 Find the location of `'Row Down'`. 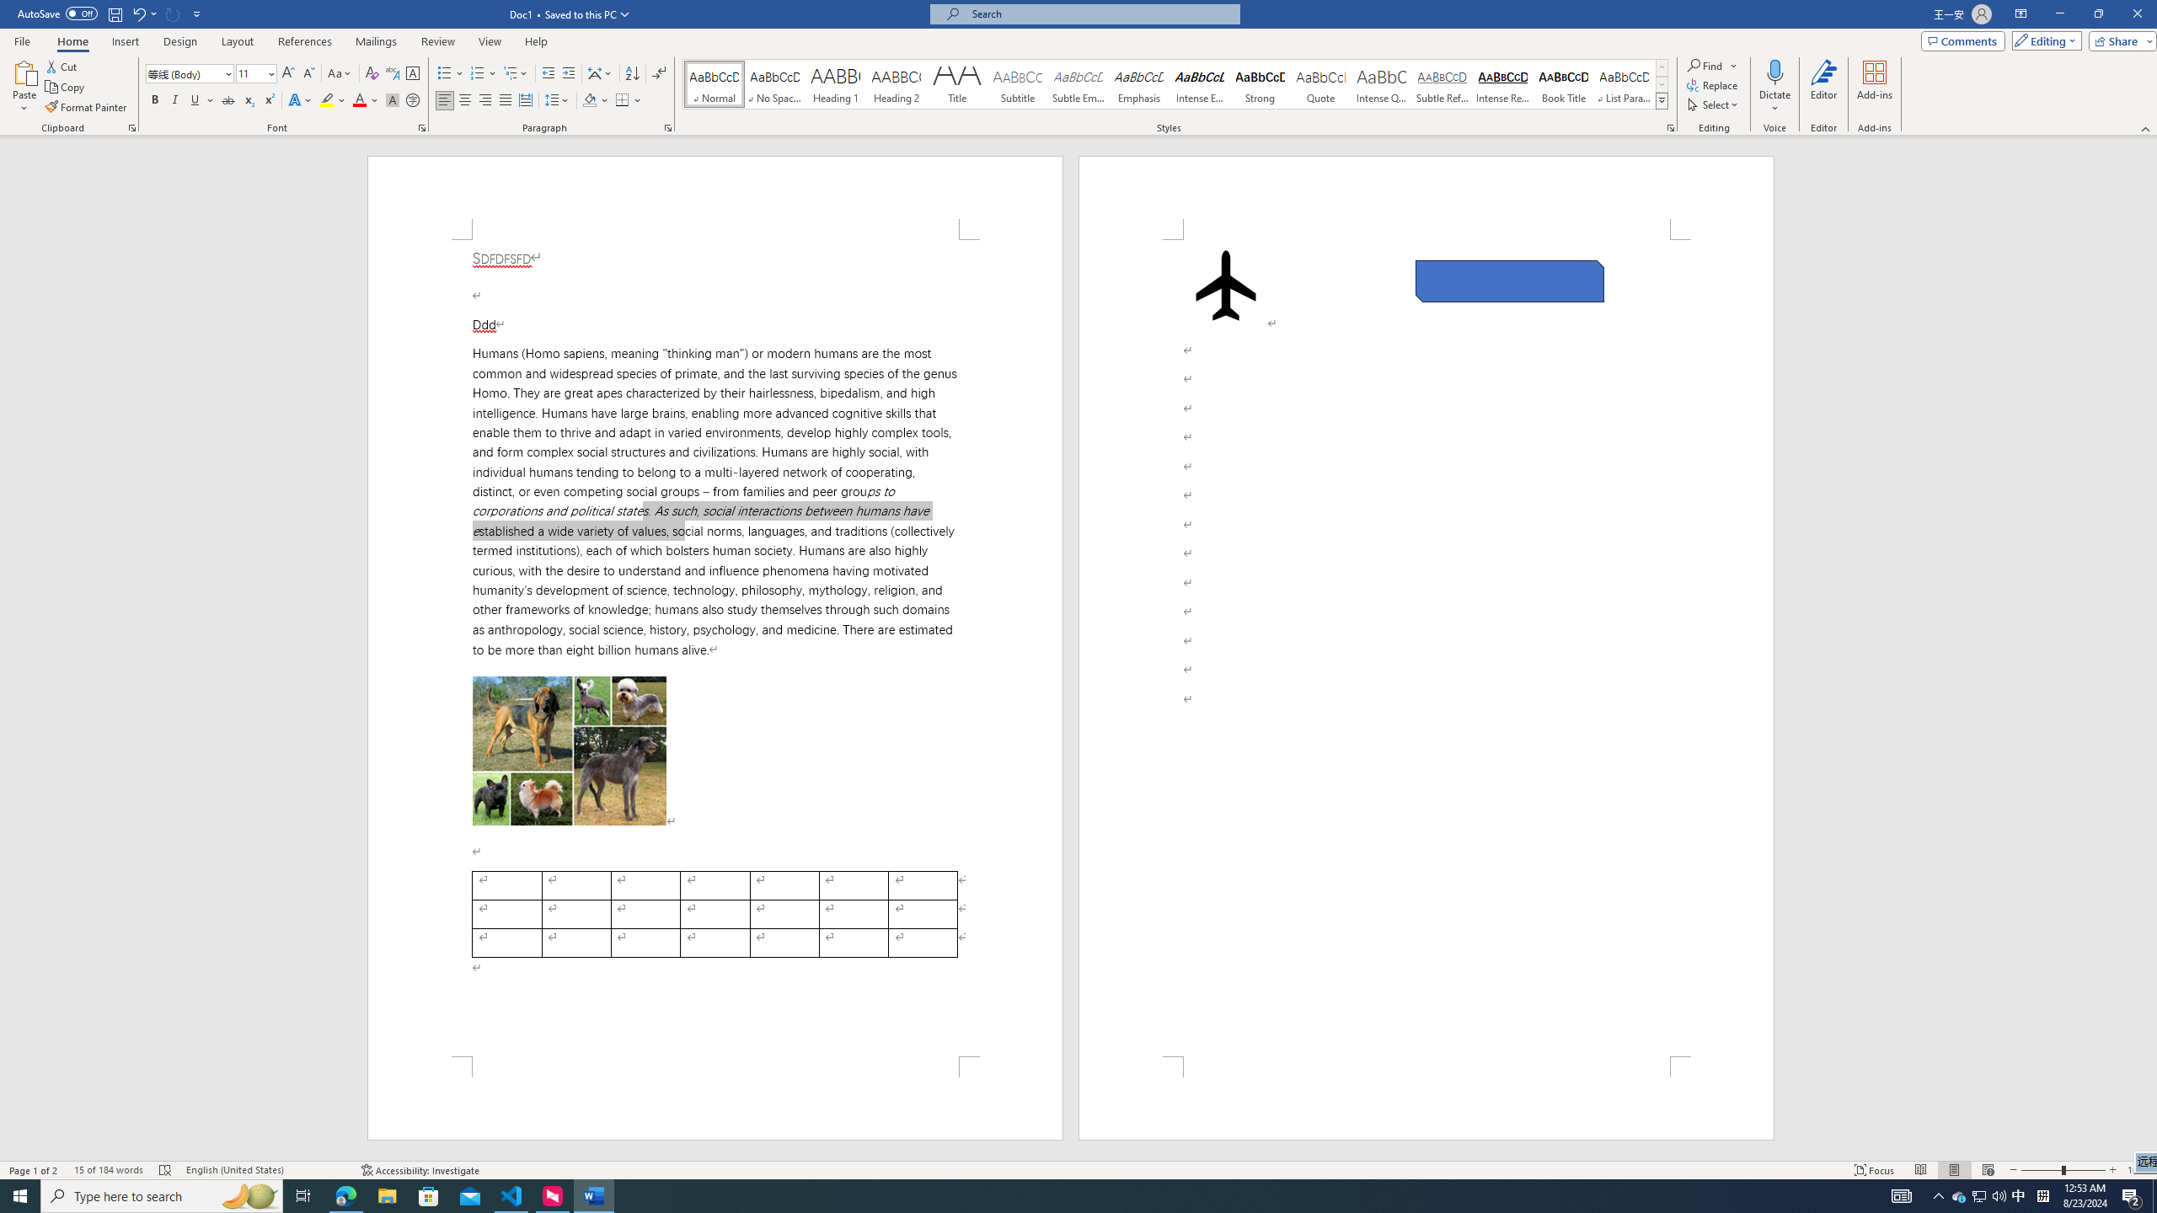

'Row Down' is located at coordinates (1662, 83).